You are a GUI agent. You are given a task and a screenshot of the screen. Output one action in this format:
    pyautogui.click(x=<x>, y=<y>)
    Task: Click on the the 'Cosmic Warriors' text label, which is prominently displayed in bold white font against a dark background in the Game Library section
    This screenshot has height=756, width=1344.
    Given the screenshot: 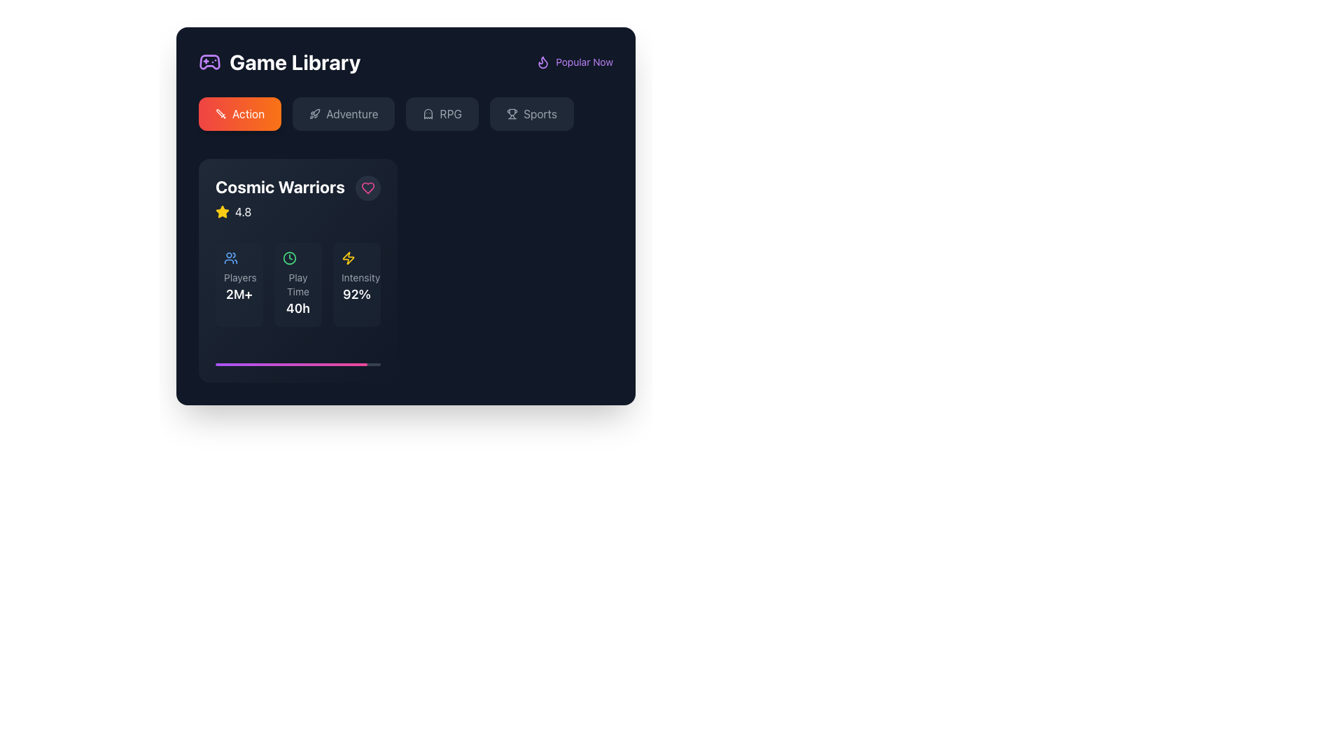 What is the action you would take?
    pyautogui.click(x=280, y=185)
    